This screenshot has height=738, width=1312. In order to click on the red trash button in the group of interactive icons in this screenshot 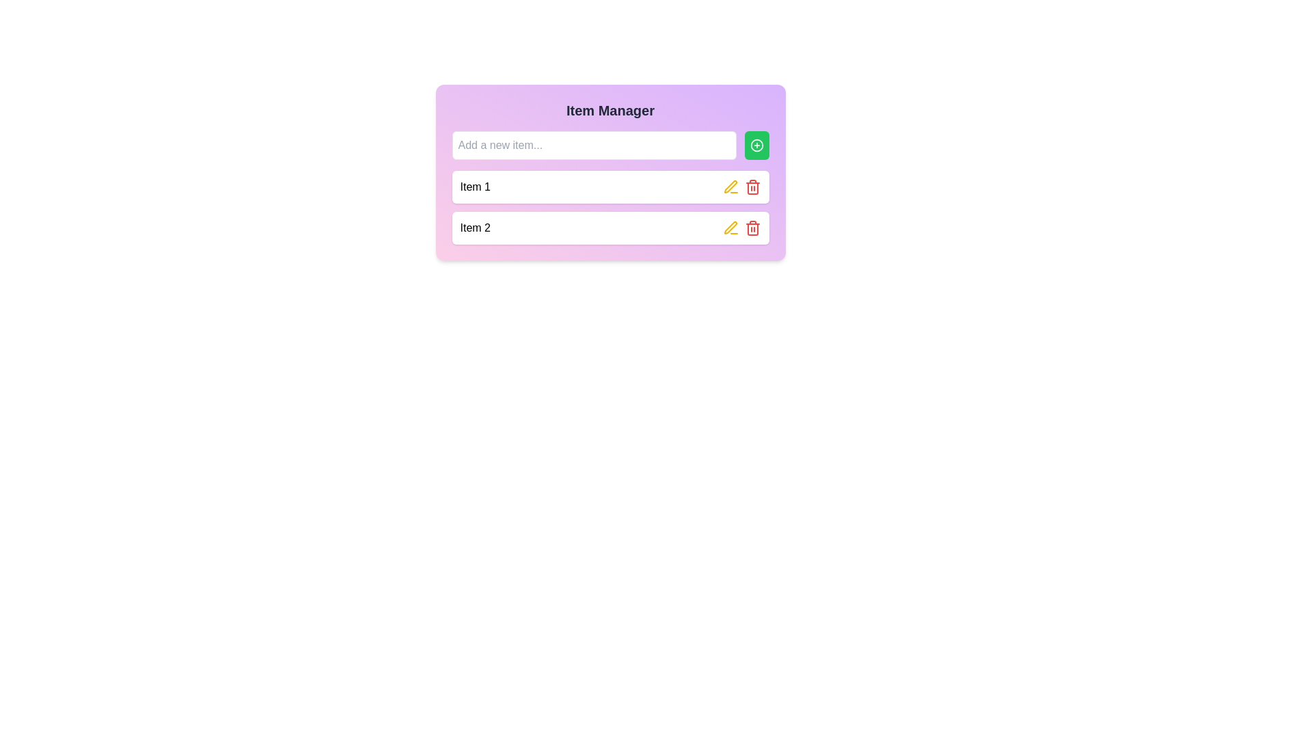, I will do `click(741, 228)`.